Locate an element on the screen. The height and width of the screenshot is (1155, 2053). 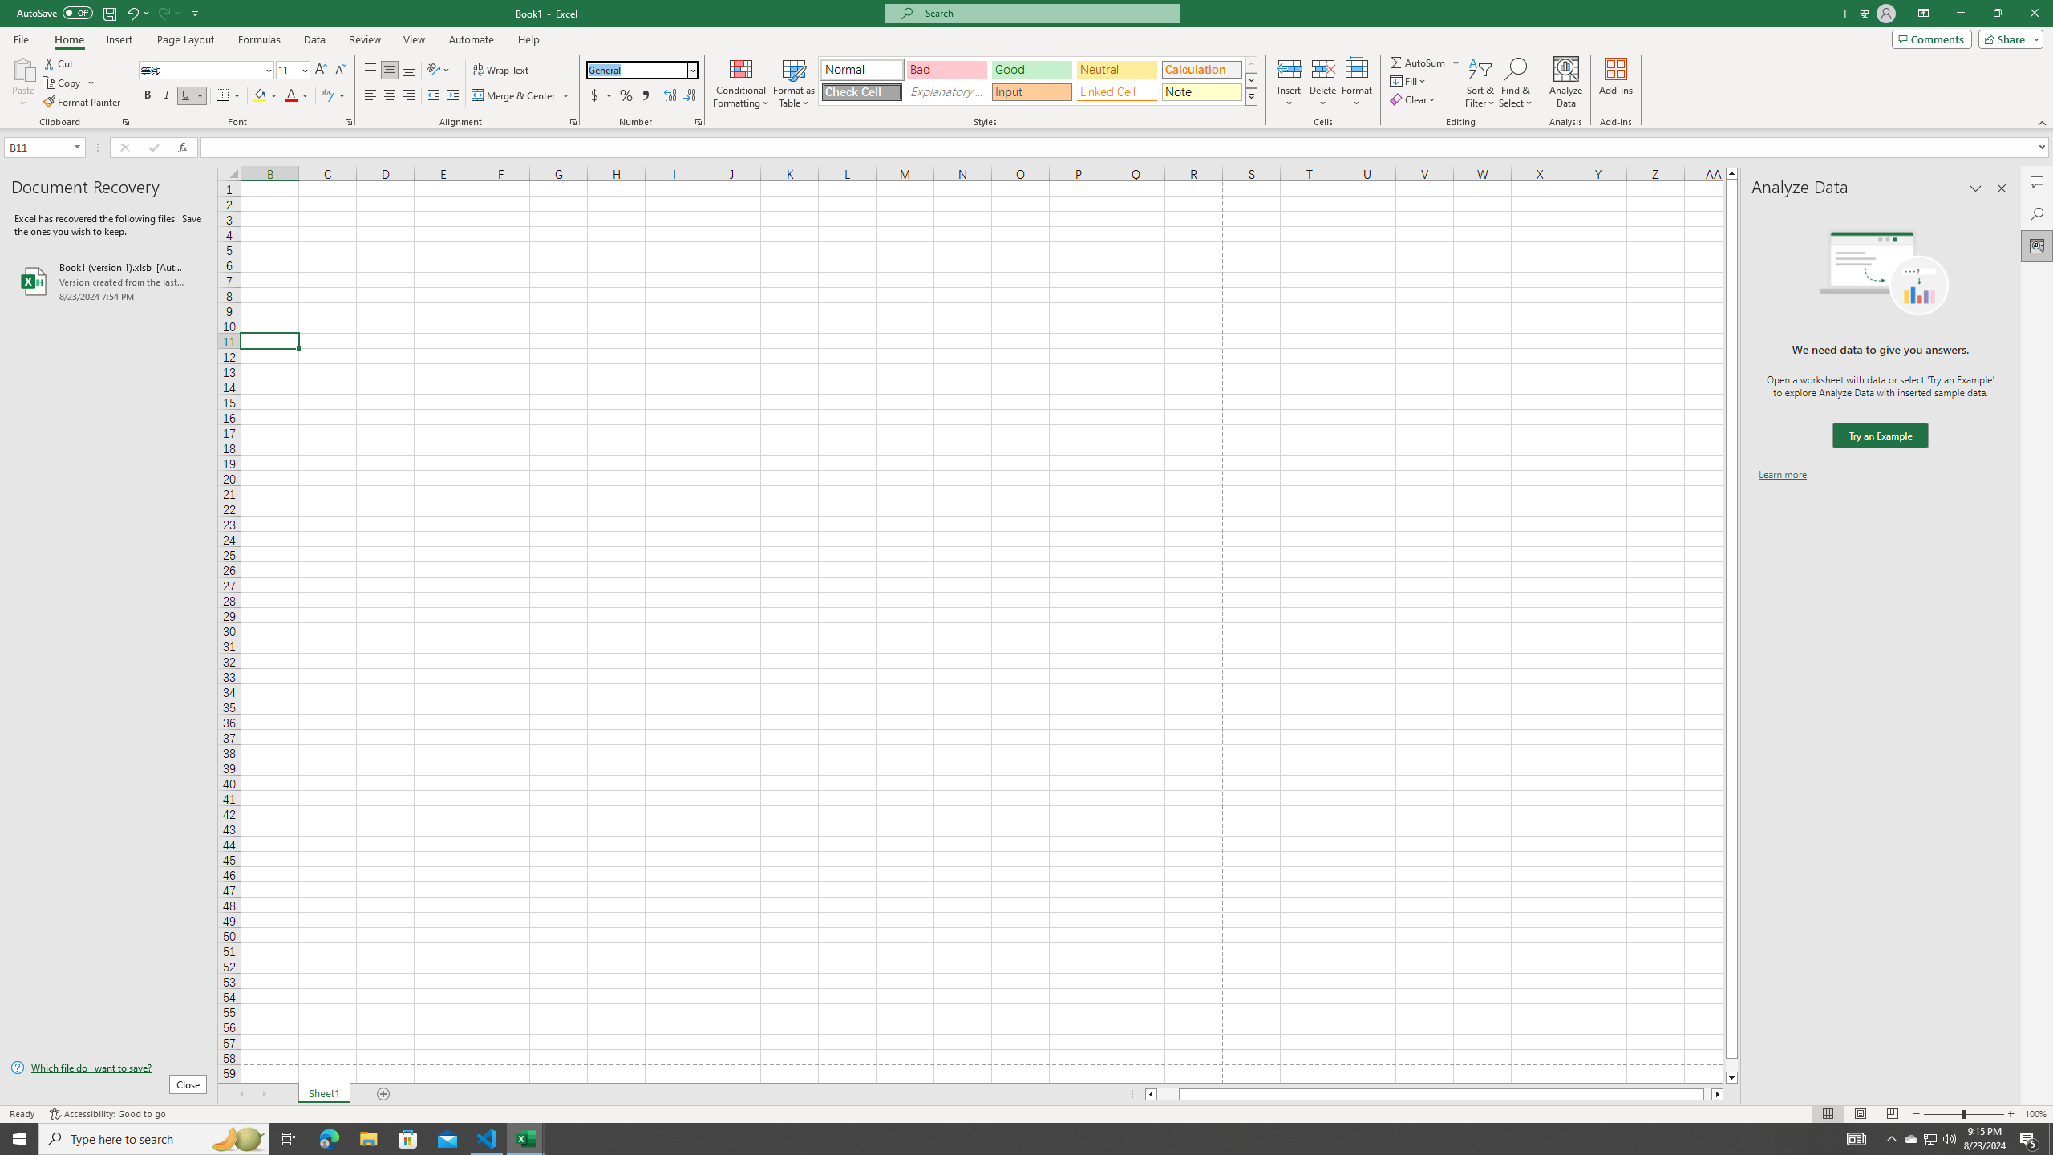
'Orientation' is located at coordinates (438, 70).